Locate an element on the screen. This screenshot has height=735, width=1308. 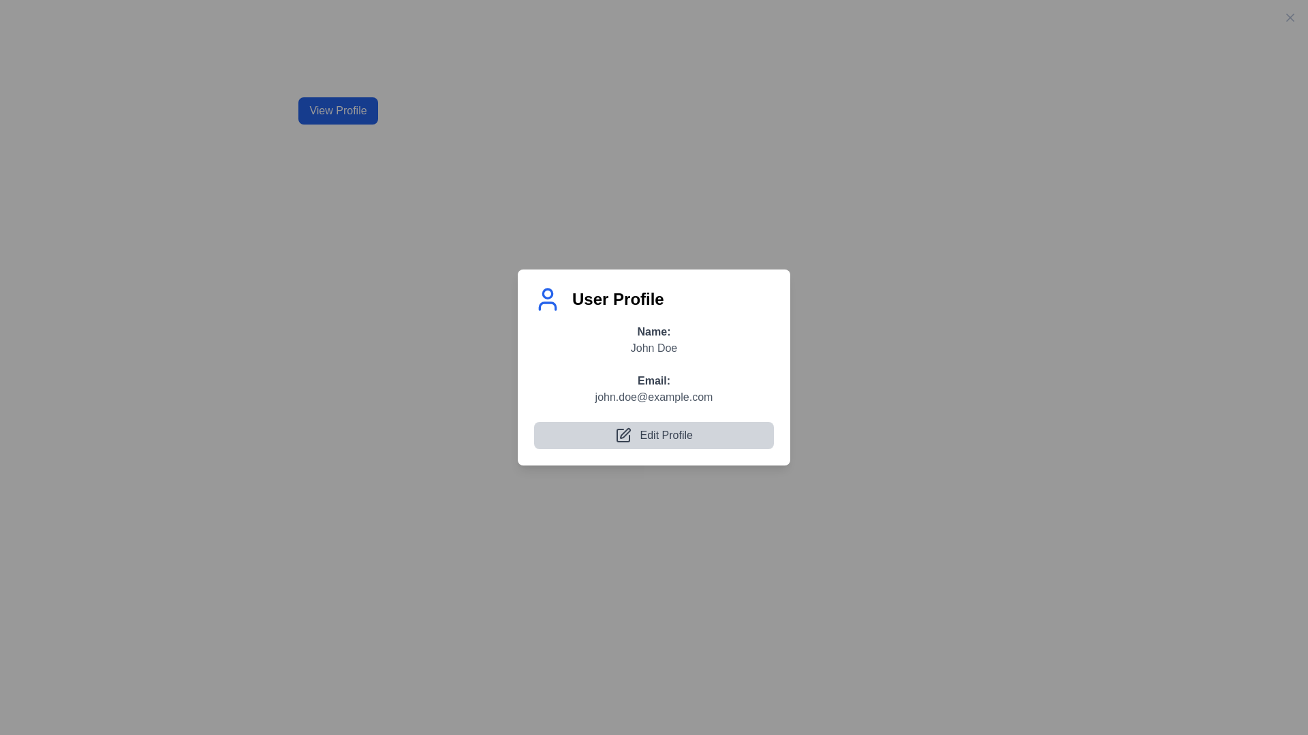
the blue button with rounded corners that reads 'View Profile' is located at coordinates (338, 110).